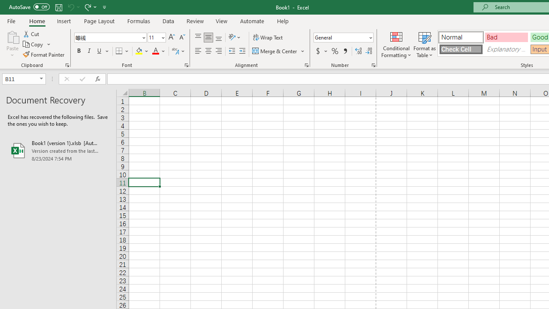 This screenshot has width=549, height=309. I want to click on 'Comma Style', so click(345, 51).